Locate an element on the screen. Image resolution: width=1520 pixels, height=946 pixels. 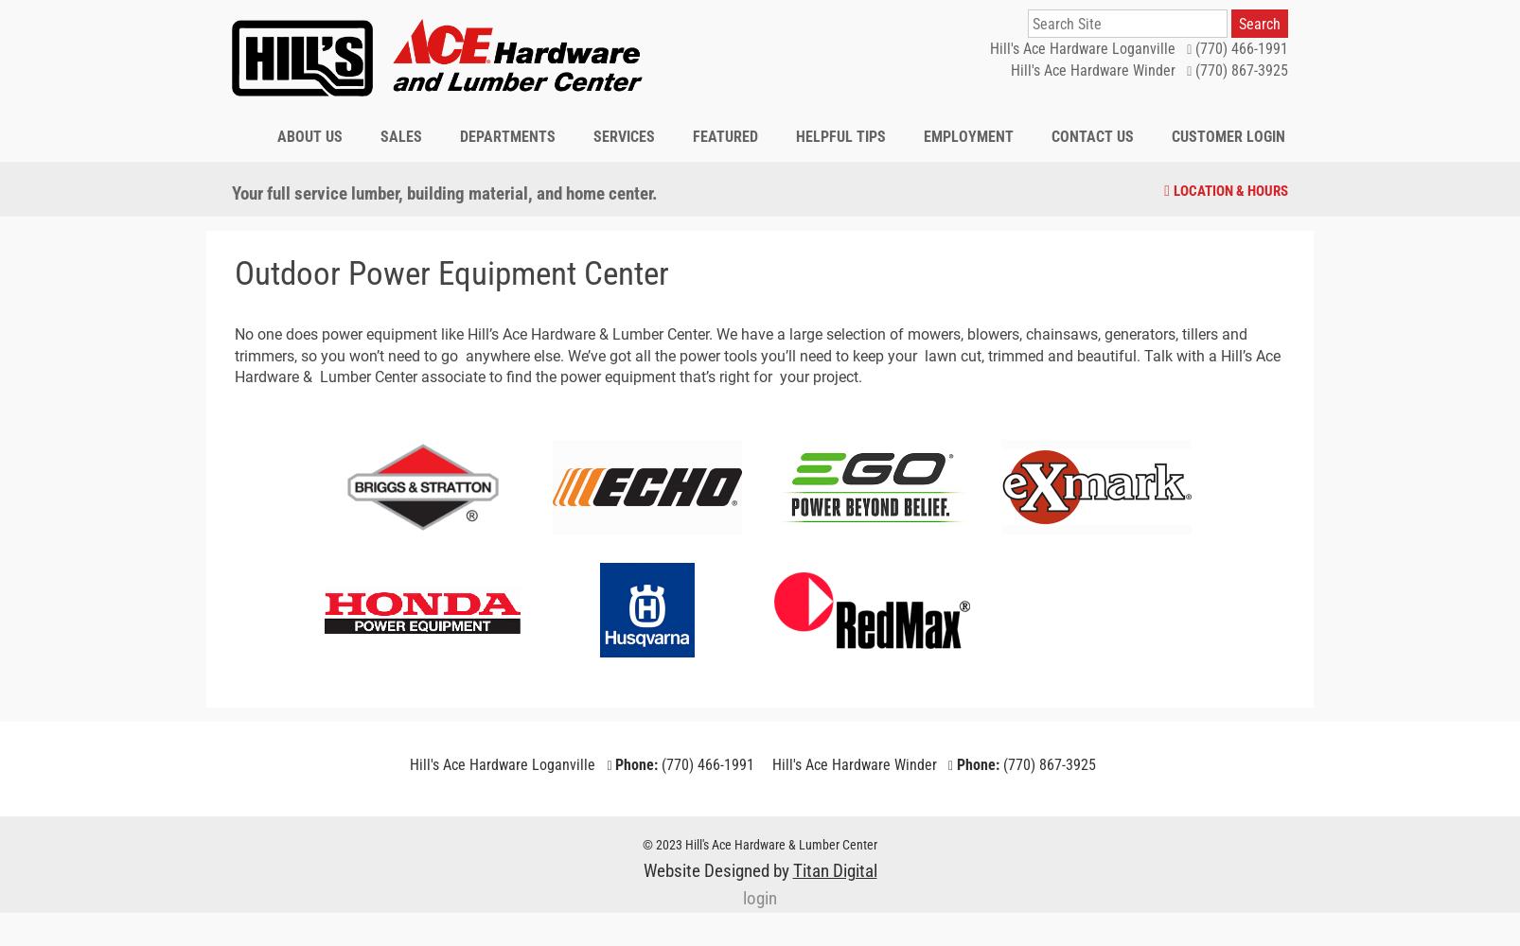
'Location & Hours' is located at coordinates (1228, 189).